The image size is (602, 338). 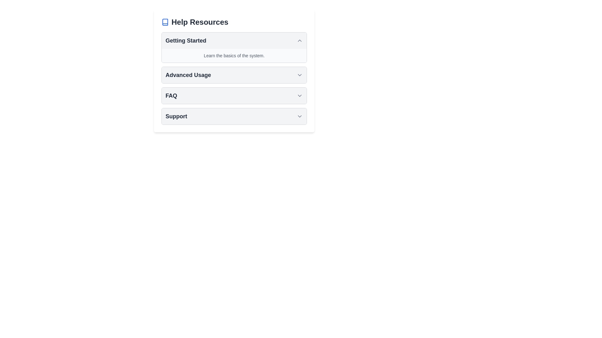 I want to click on the collapsible button located on the rightmost side of the 'Getting Started' row, so click(x=299, y=41).